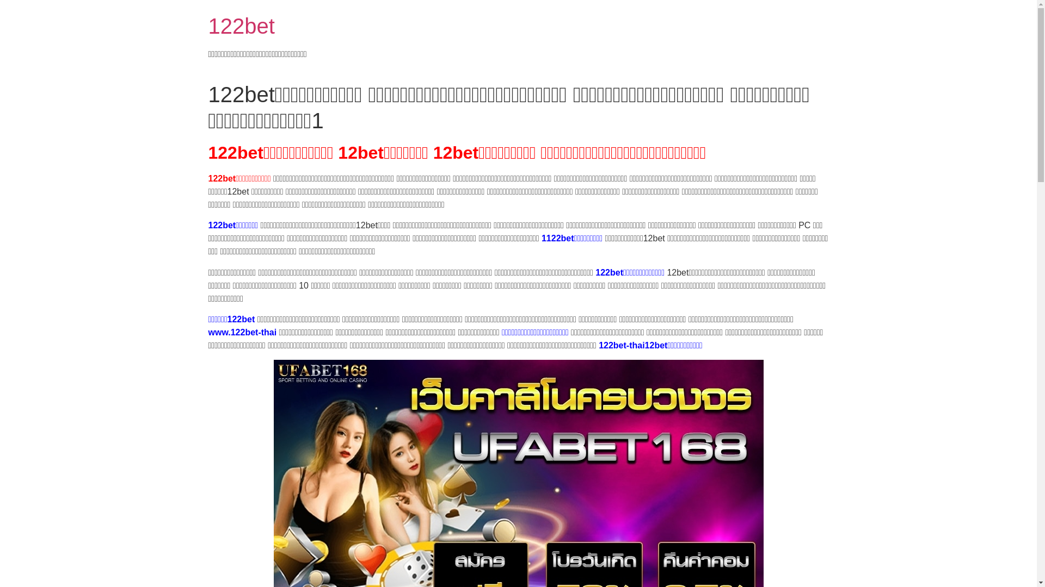 The image size is (1045, 587). I want to click on '122bet', so click(208, 25).